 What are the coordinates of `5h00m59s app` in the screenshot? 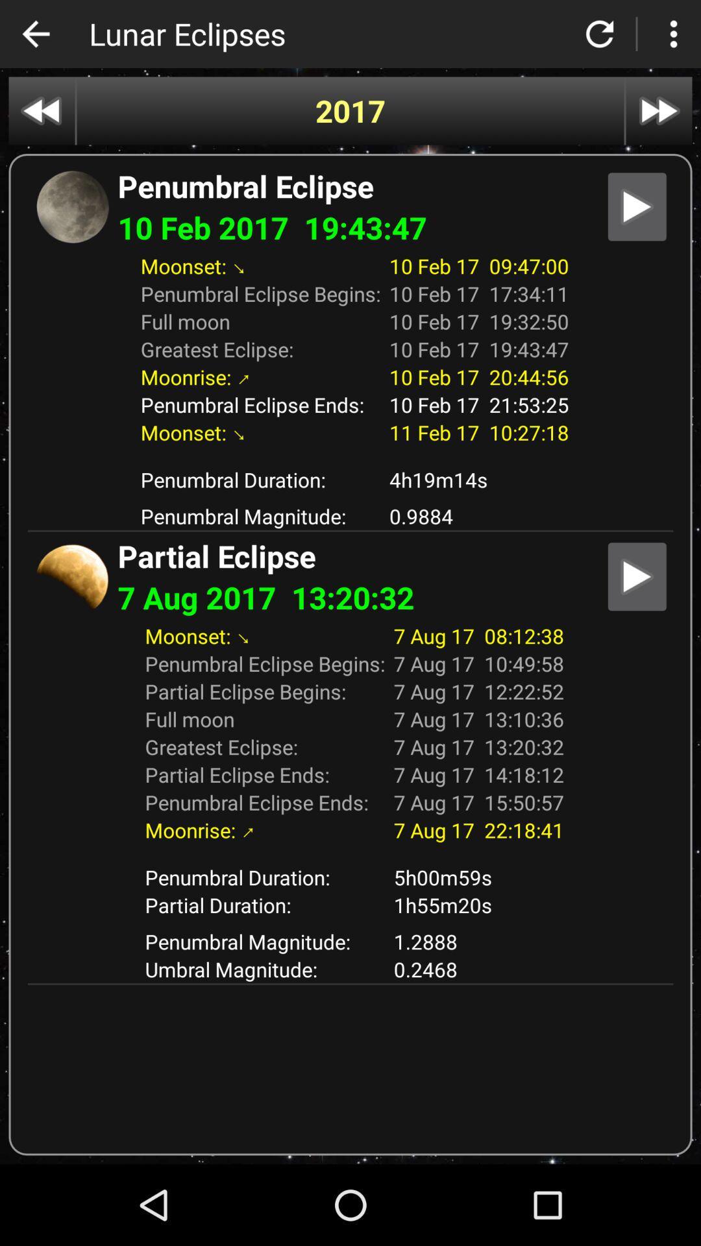 It's located at (478, 877).